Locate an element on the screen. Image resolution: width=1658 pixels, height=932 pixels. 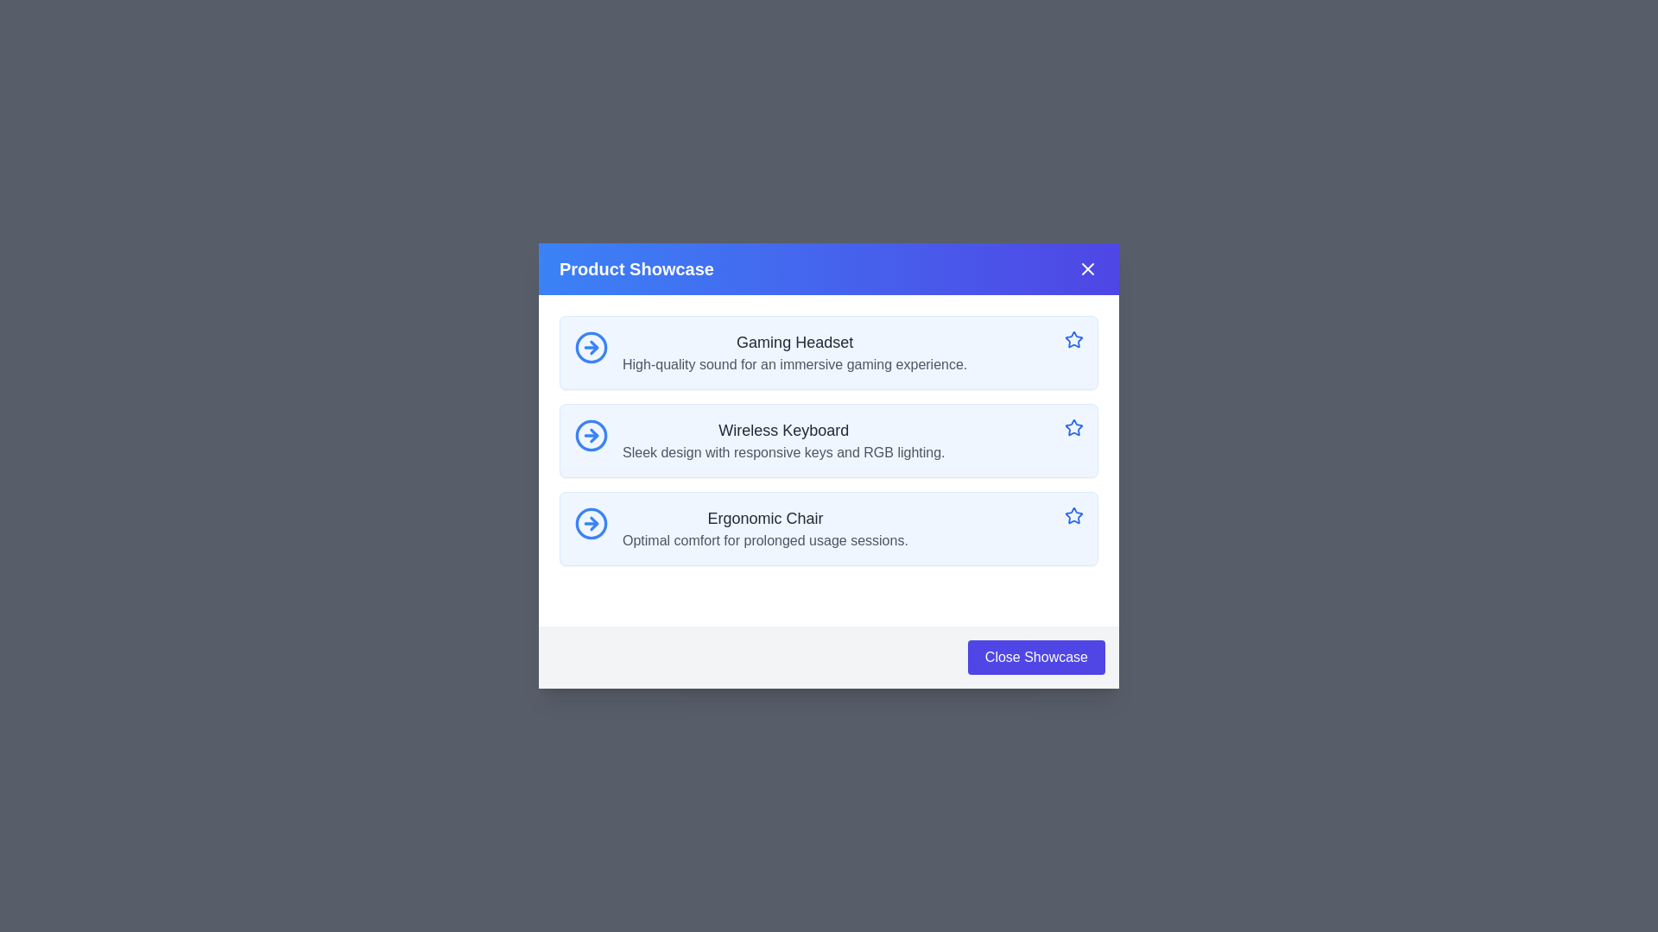
the close icon located in the upper-right corner of the dialog box, next to the title text 'Product Showcase' is located at coordinates (1086, 269).